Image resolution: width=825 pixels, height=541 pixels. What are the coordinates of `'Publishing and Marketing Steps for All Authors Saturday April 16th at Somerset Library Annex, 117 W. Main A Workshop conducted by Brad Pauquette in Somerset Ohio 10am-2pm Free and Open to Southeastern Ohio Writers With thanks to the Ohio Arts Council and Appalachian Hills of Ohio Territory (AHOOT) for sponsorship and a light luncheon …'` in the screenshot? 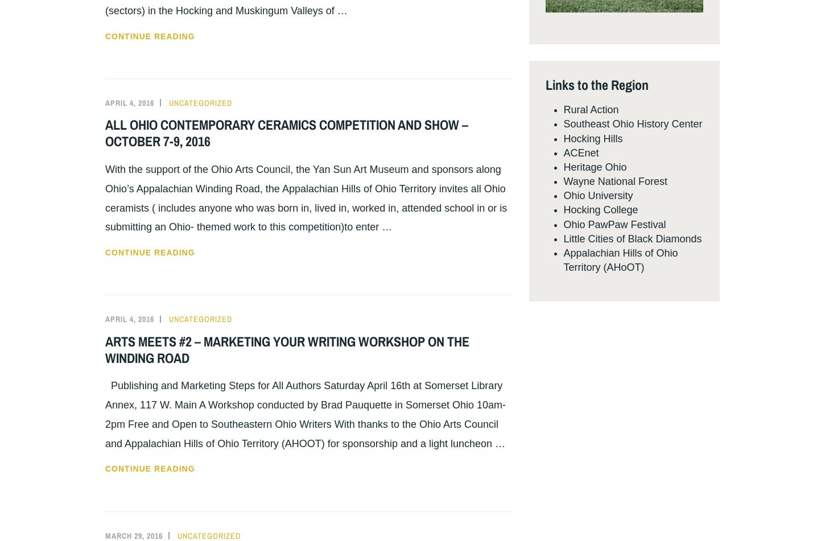 It's located at (305, 414).